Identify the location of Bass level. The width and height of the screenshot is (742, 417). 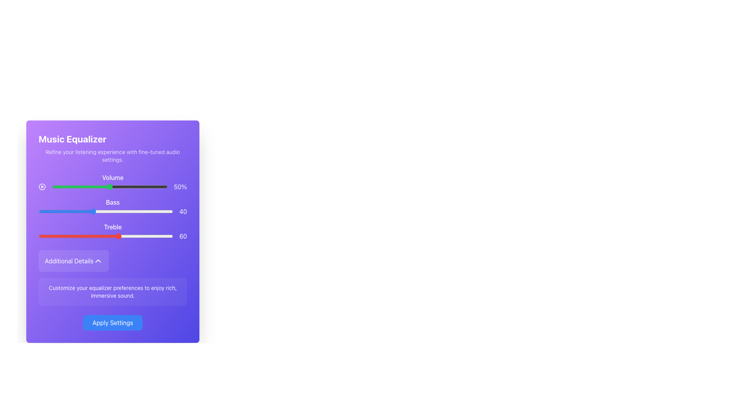
(131, 211).